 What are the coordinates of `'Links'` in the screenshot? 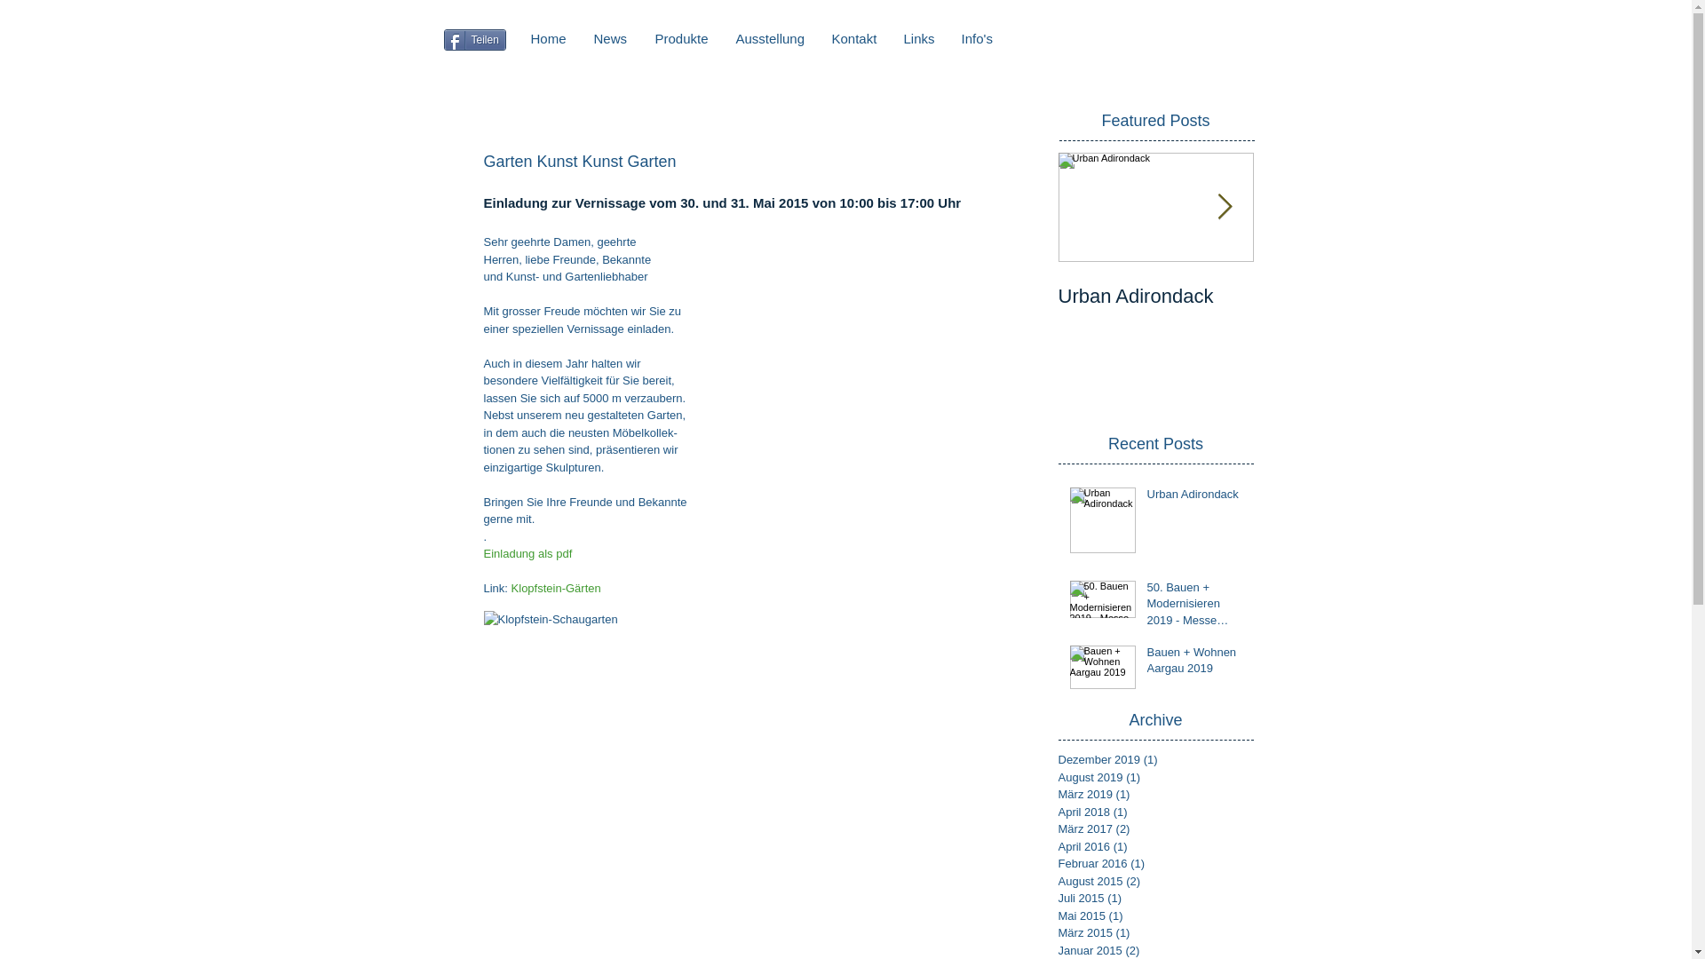 It's located at (918, 37).